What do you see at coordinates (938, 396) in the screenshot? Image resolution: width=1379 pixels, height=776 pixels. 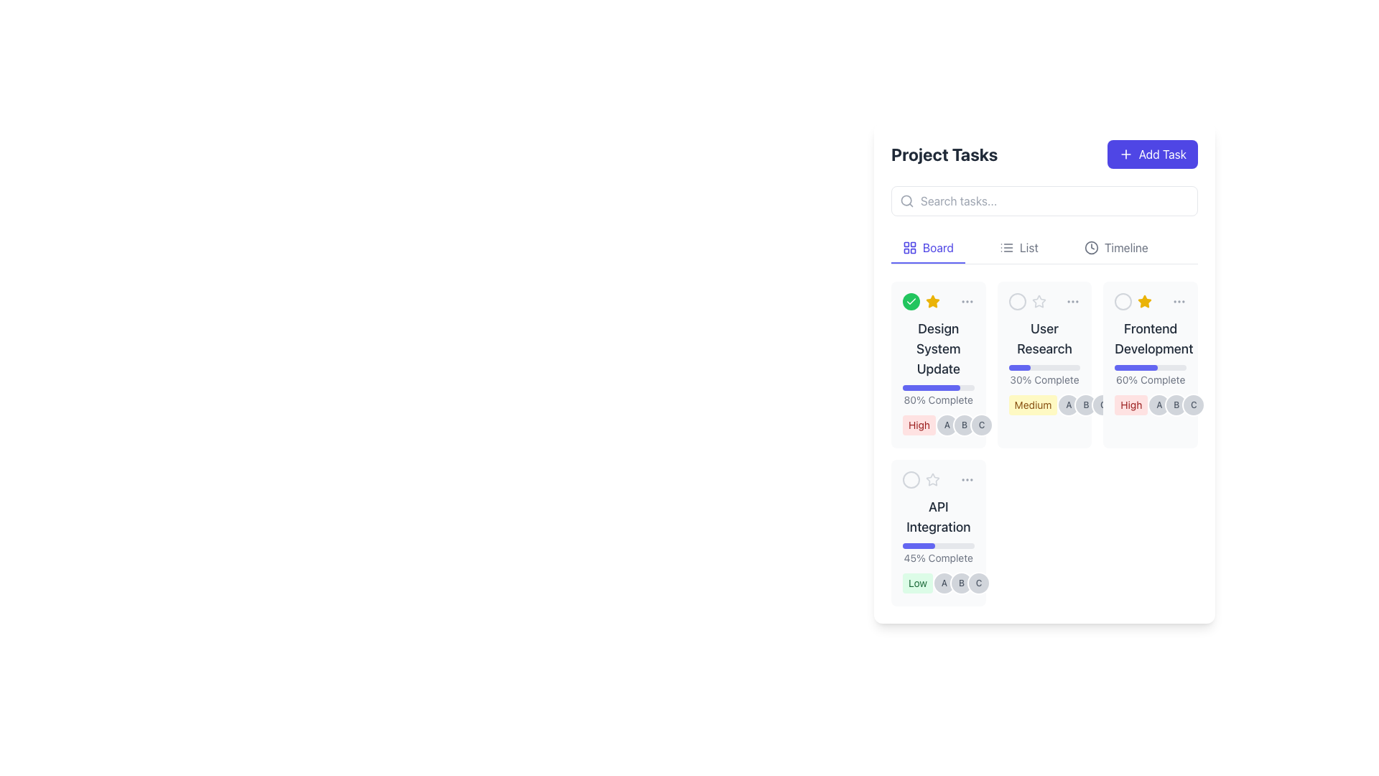 I see `completion percentage from the progress indicator located in the 'Design System Update' card on the Kanban task board, positioned below the card's title and above the 'High' priority label` at bounding box center [938, 396].